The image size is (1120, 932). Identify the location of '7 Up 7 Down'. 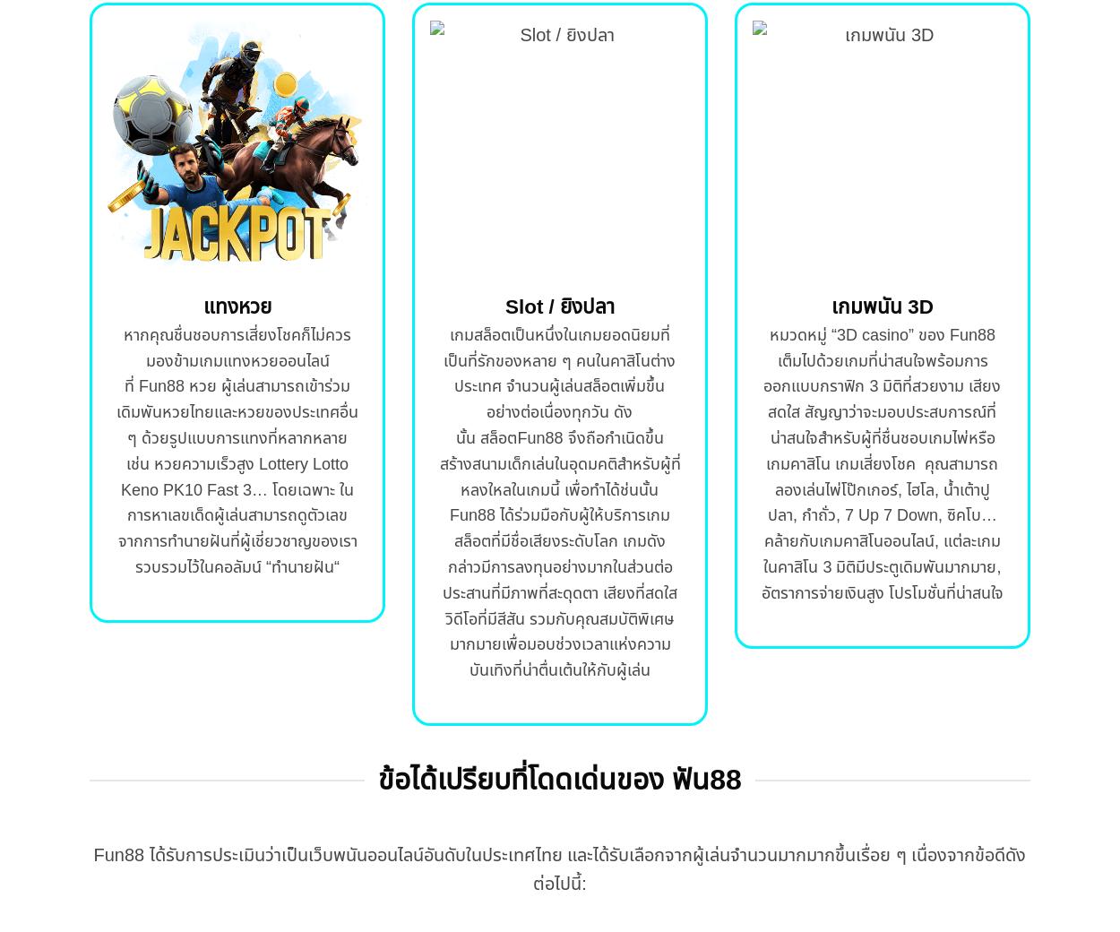
(890, 514).